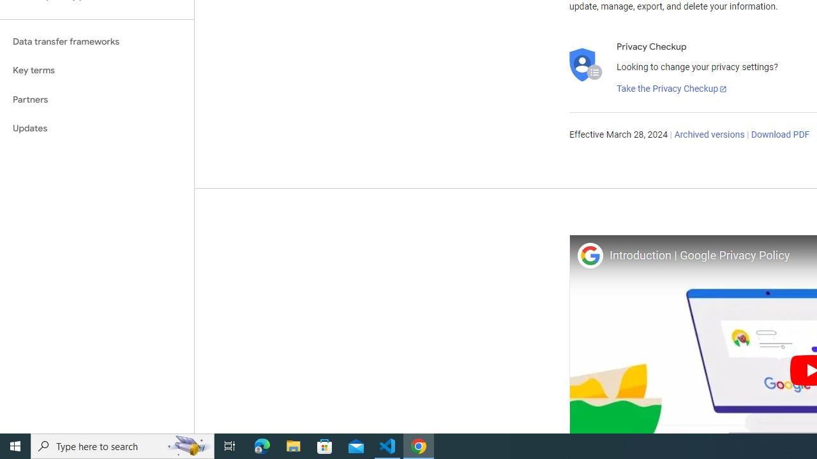 The height and width of the screenshot is (459, 817). What do you see at coordinates (96, 41) in the screenshot?
I see `'Data transfer frameworks'` at bounding box center [96, 41].